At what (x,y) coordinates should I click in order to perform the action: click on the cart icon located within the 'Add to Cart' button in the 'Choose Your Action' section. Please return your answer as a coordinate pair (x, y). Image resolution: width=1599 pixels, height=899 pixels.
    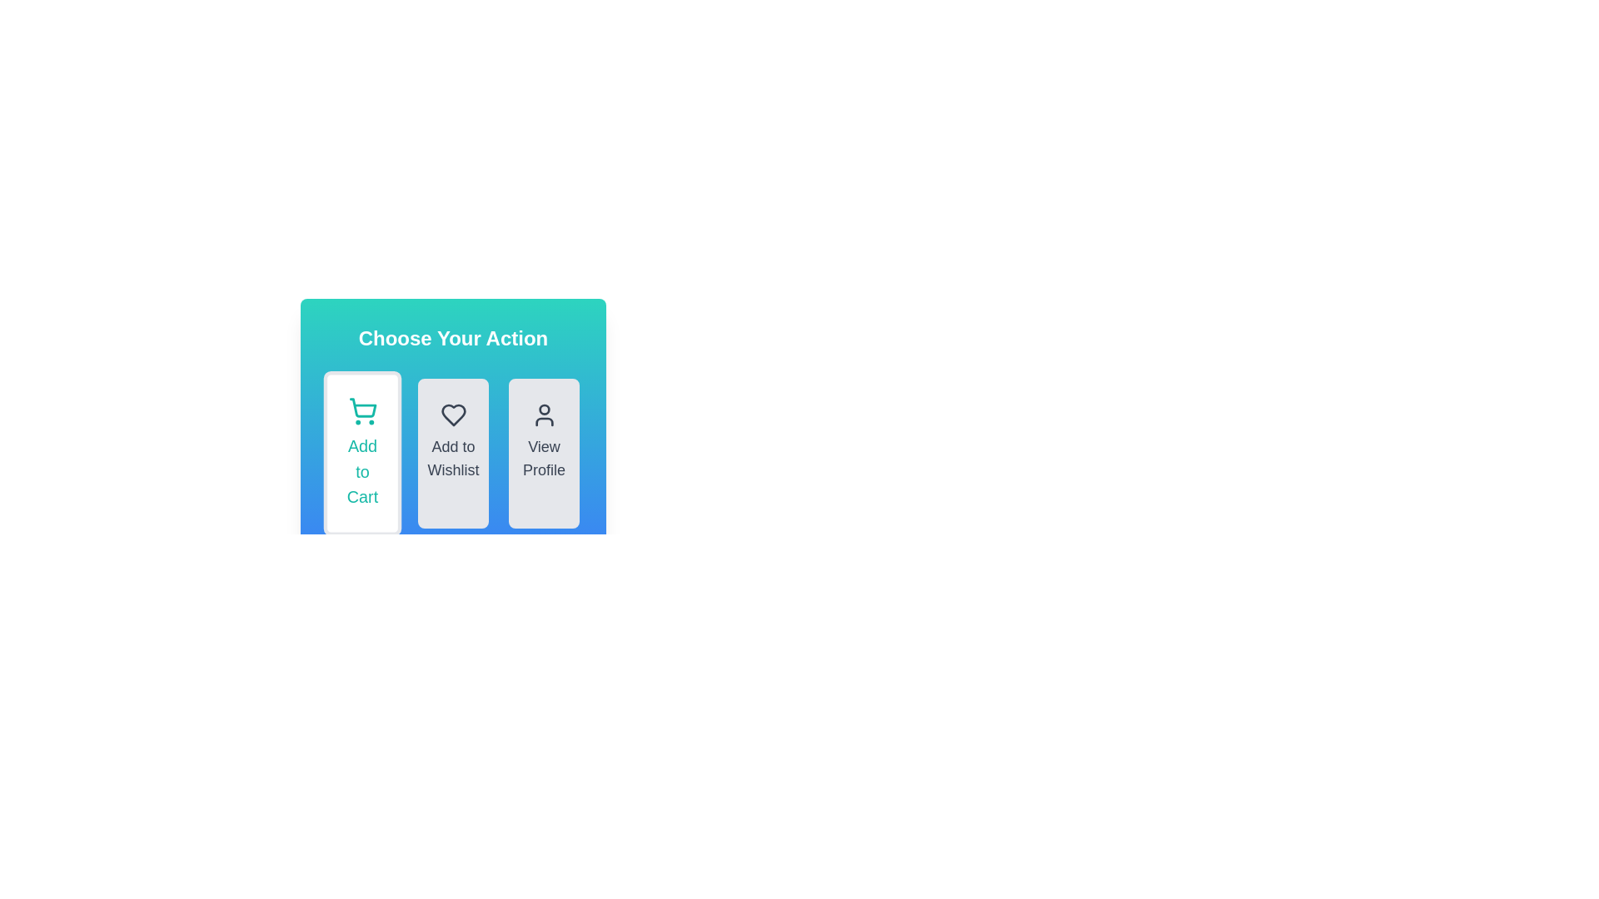
    Looking at the image, I should click on (361, 408).